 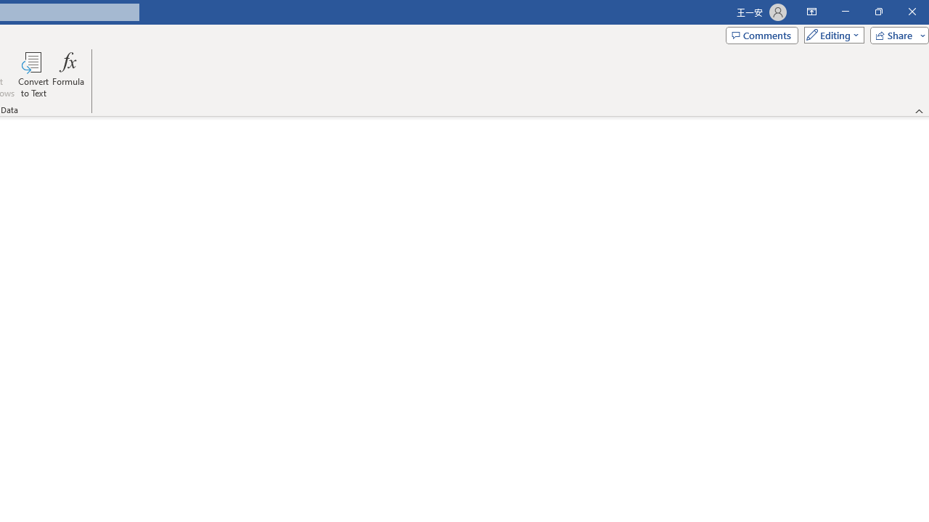 What do you see at coordinates (877, 12) in the screenshot?
I see `'Restore Down'` at bounding box center [877, 12].